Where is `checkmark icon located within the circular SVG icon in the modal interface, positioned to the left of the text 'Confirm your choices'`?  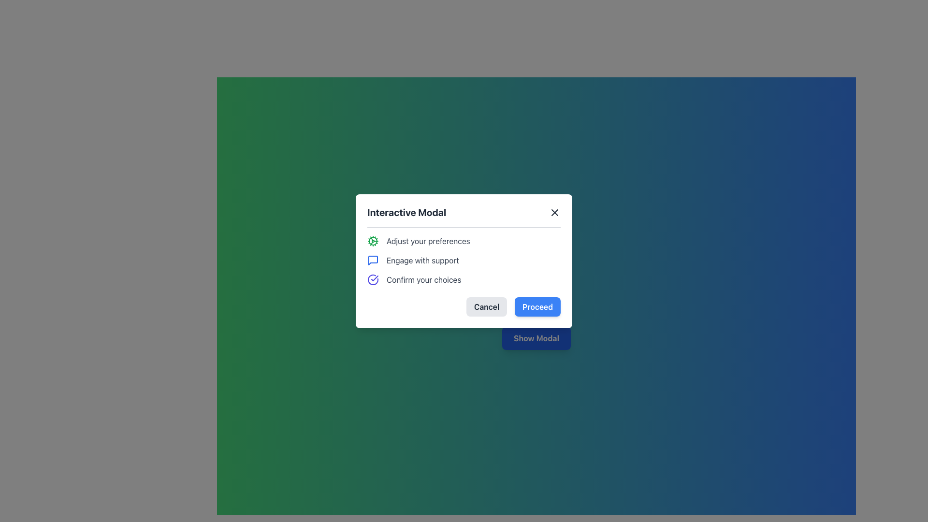 checkmark icon located within the circular SVG icon in the modal interface, positioned to the left of the text 'Confirm your choices' is located at coordinates (374, 278).